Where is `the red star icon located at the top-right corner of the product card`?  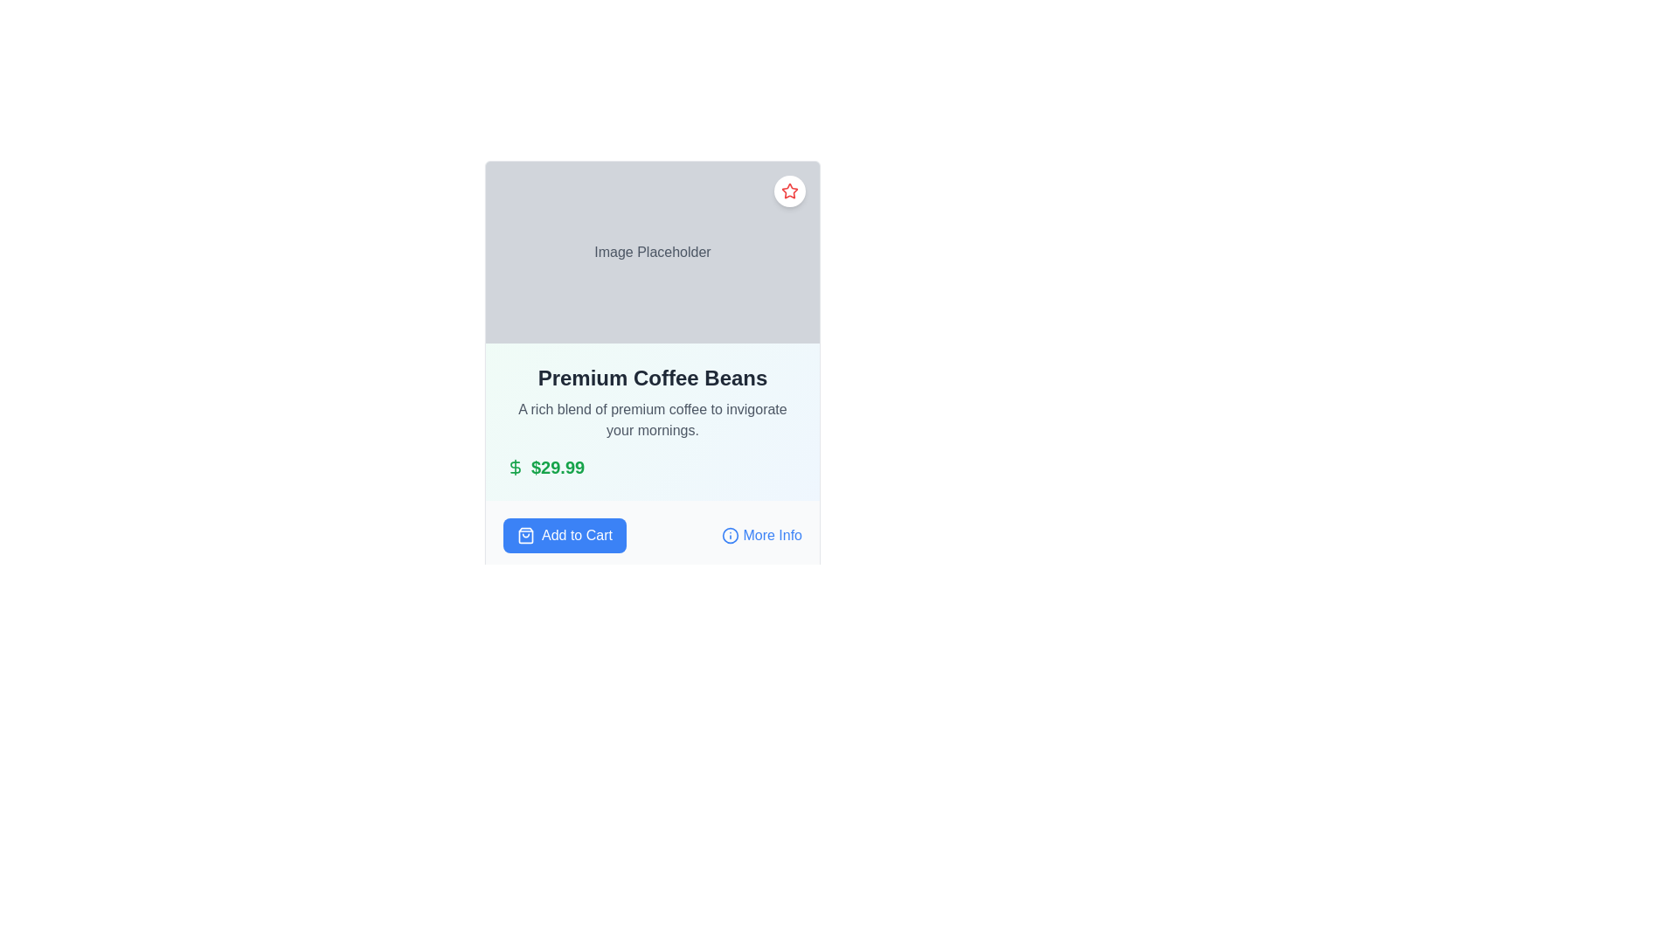 the red star icon located at the top-right corner of the product card is located at coordinates (788, 191).